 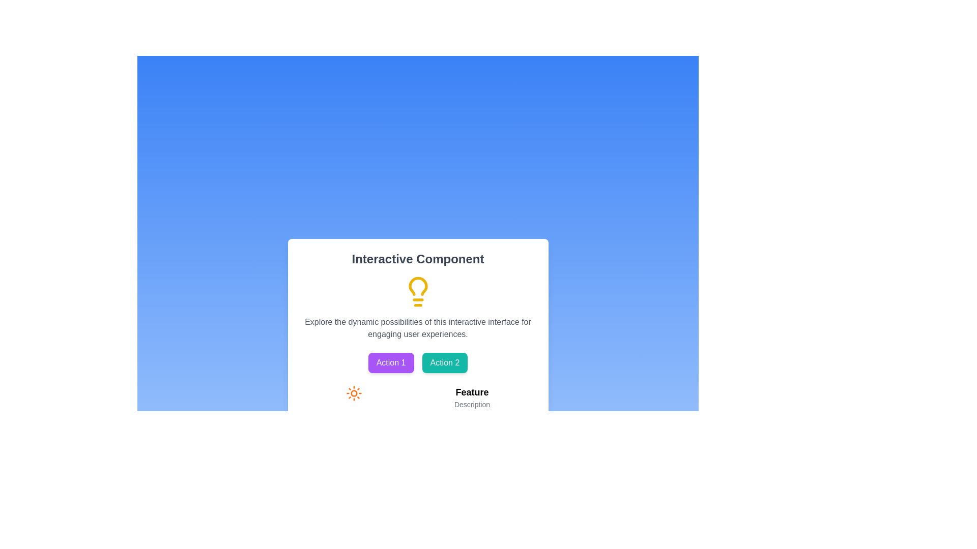 What do you see at coordinates (354, 393) in the screenshot?
I see `the central orange circle of the sun icon located below the 'Interactive Component' title and to the left of the 'Feature Description' label` at bounding box center [354, 393].